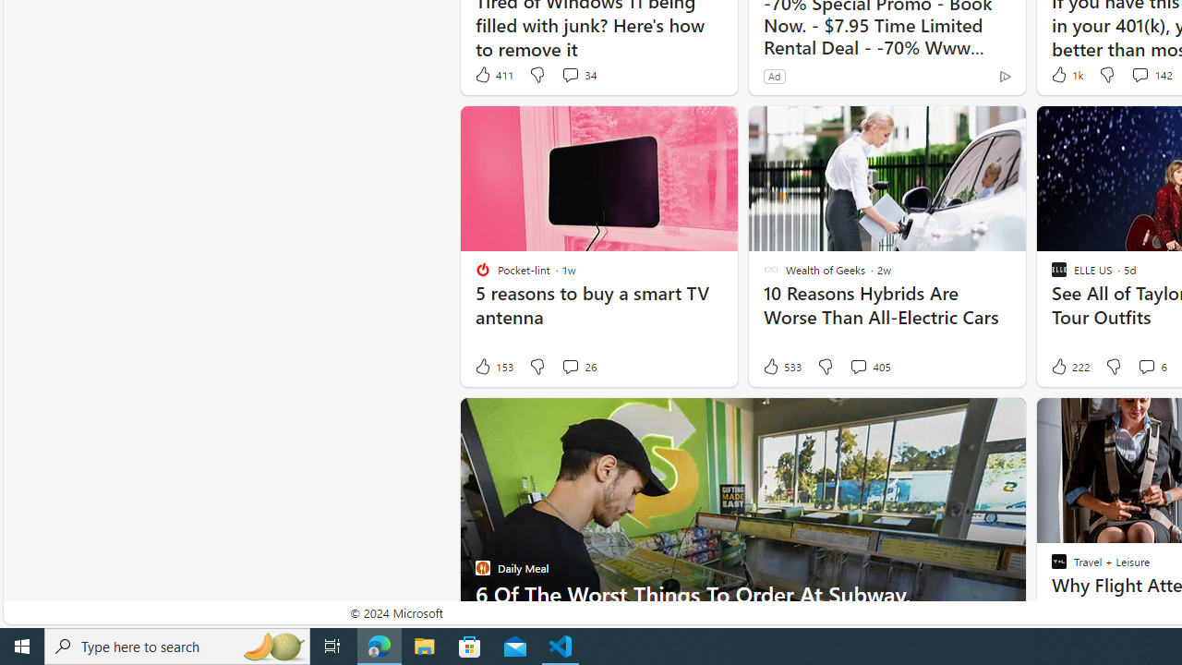 This screenshot has height=665, width=1182. What do you see at coordinates (1068, 367) in the screenshot?
I see `'222 Like'` at bounding box center [1068, 367].